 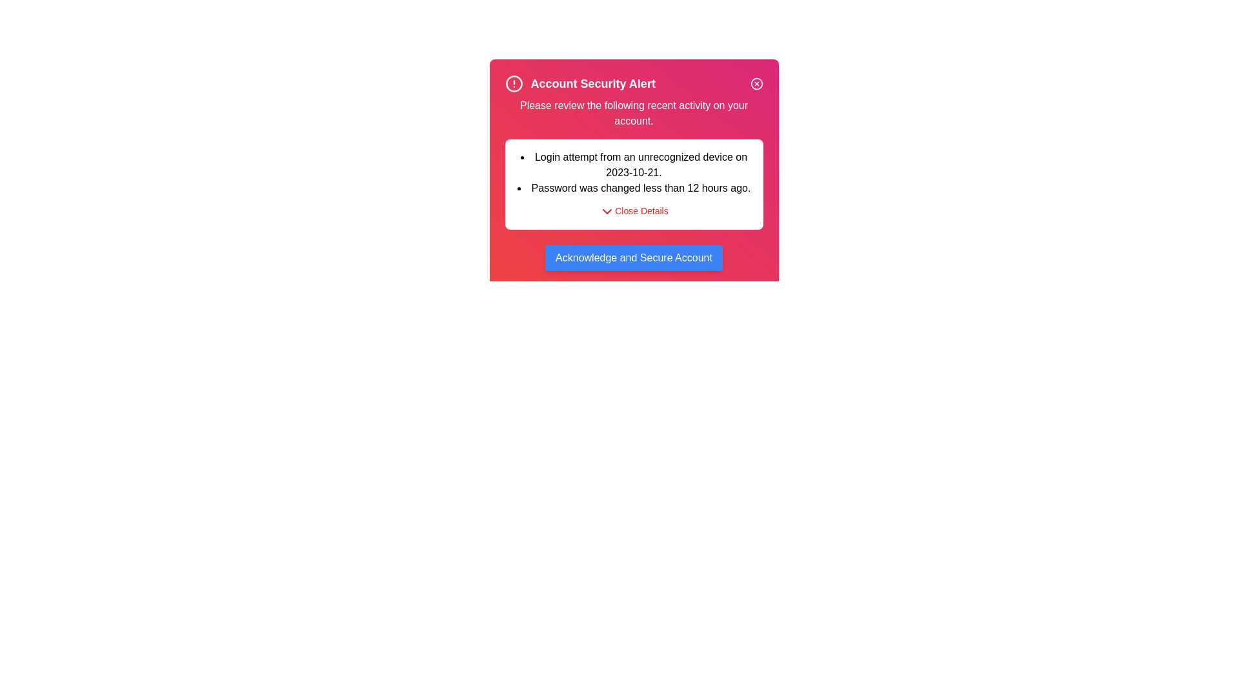 What do you see at coordinates (634, 210) in the screenshot?
I see `the red text link labeled 'Close Details' located at the bottom of the modal window` at bounding box center [634, 210].